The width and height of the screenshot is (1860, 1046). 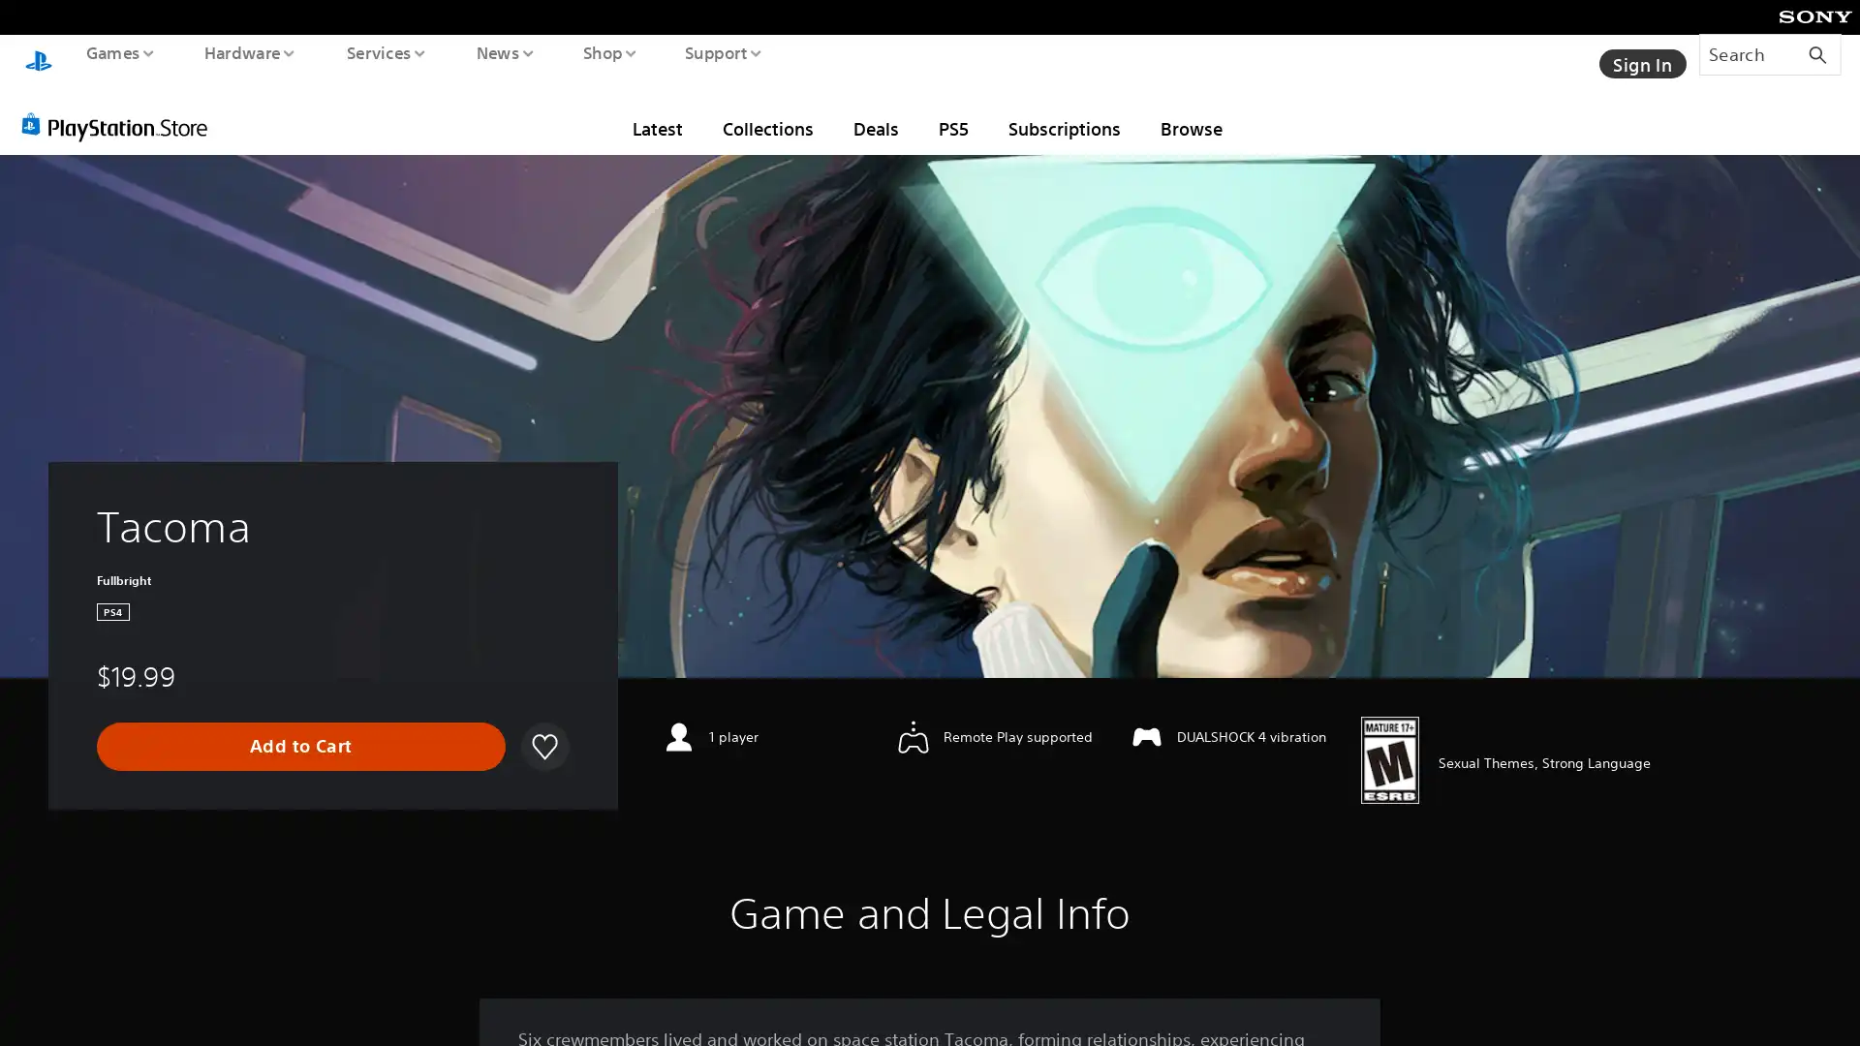 I want to click on Add to Wishlist, so click(x=542, y=728).